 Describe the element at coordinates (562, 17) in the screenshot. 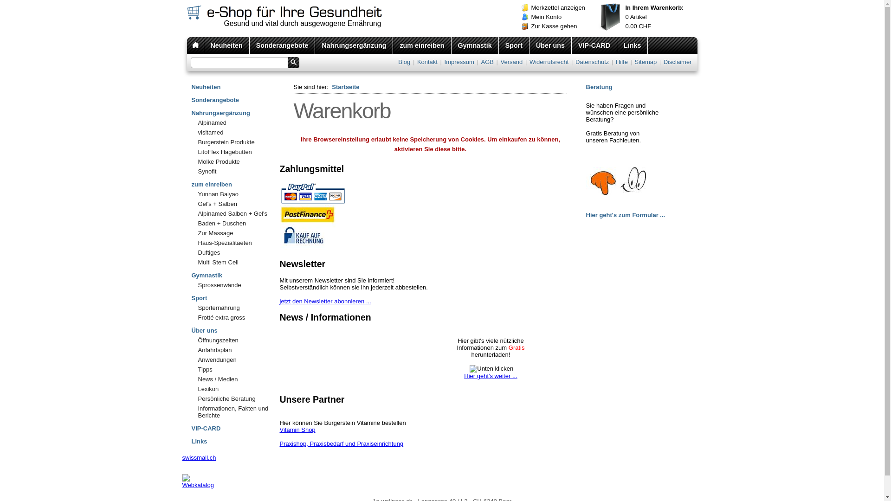

I see `'Mein Konto'` at that location.